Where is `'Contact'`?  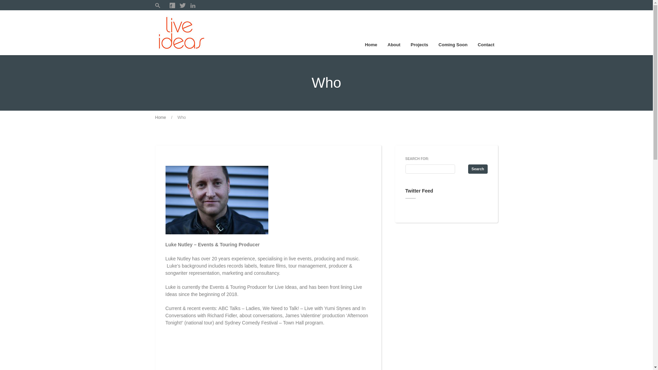 'Contact' is located at coordinates (485, 45).